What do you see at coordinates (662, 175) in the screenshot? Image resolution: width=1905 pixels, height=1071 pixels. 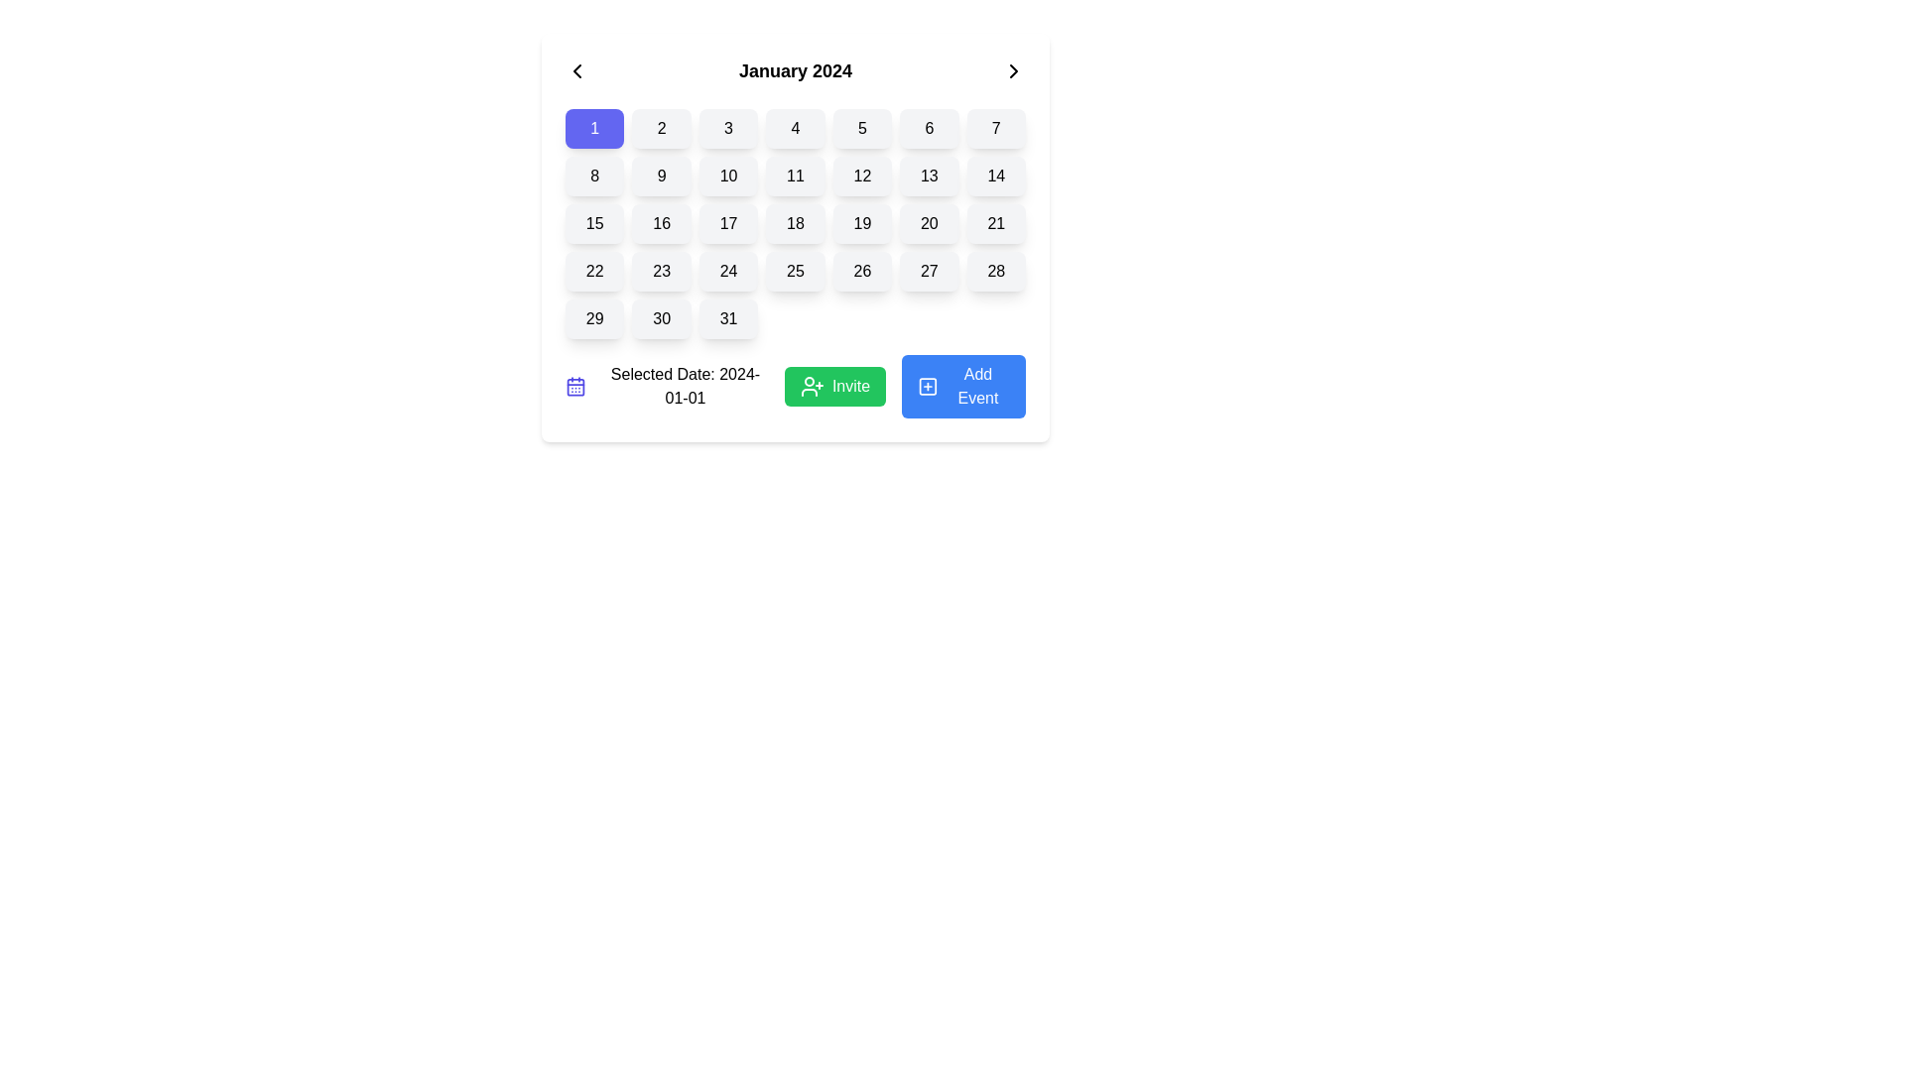 I see `the visual representation of the calendar day '9' located in the second row and second column of the calendar grid layout` at bounding box center [662, 175].